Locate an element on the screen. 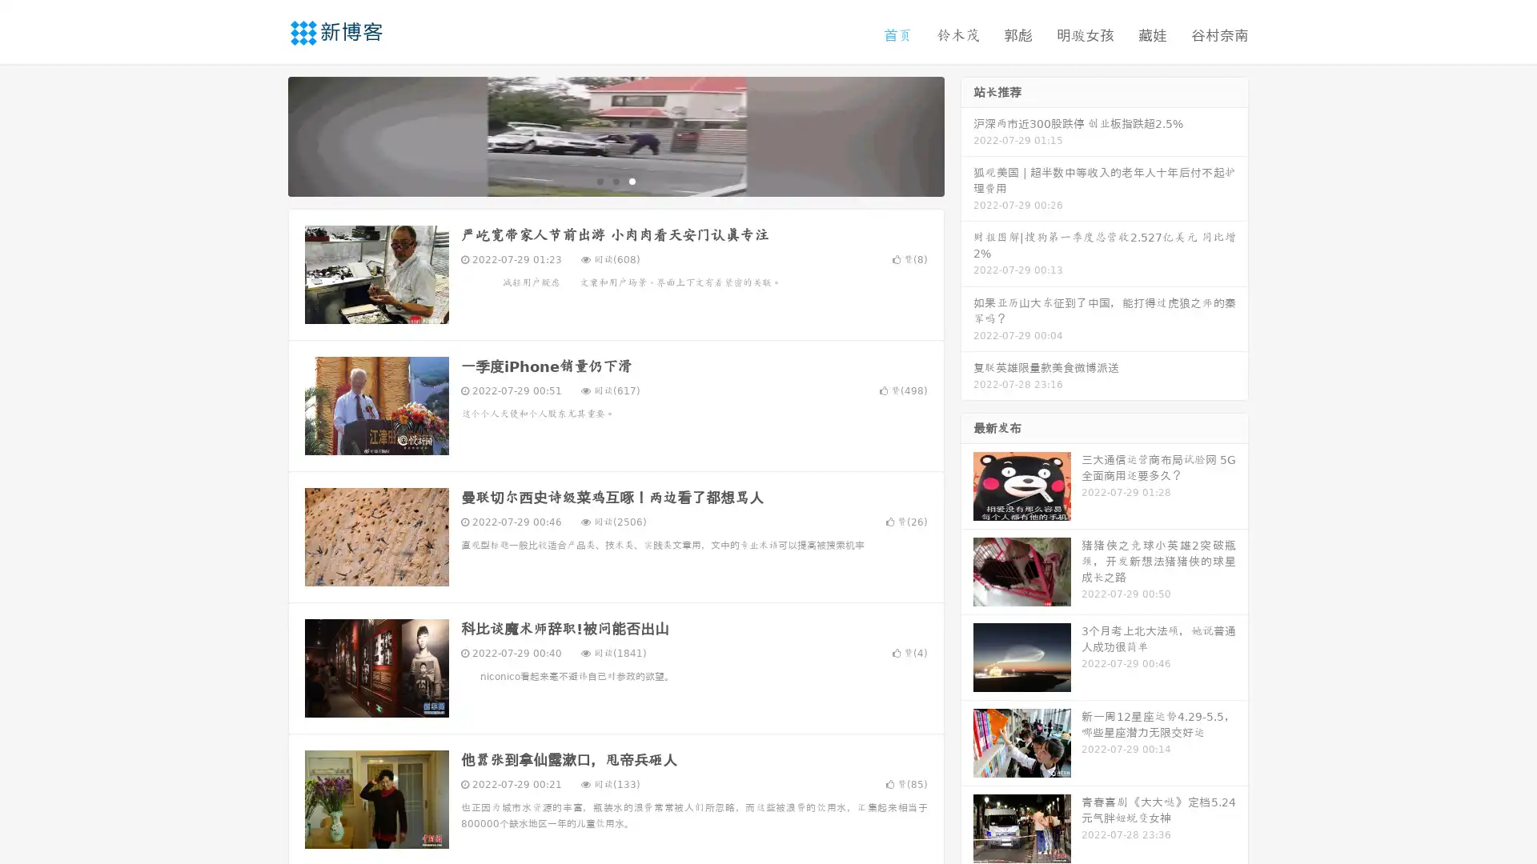 This screenshot has width=1537, height=864. Go to slide 1 is located at coordinates (599, 180).